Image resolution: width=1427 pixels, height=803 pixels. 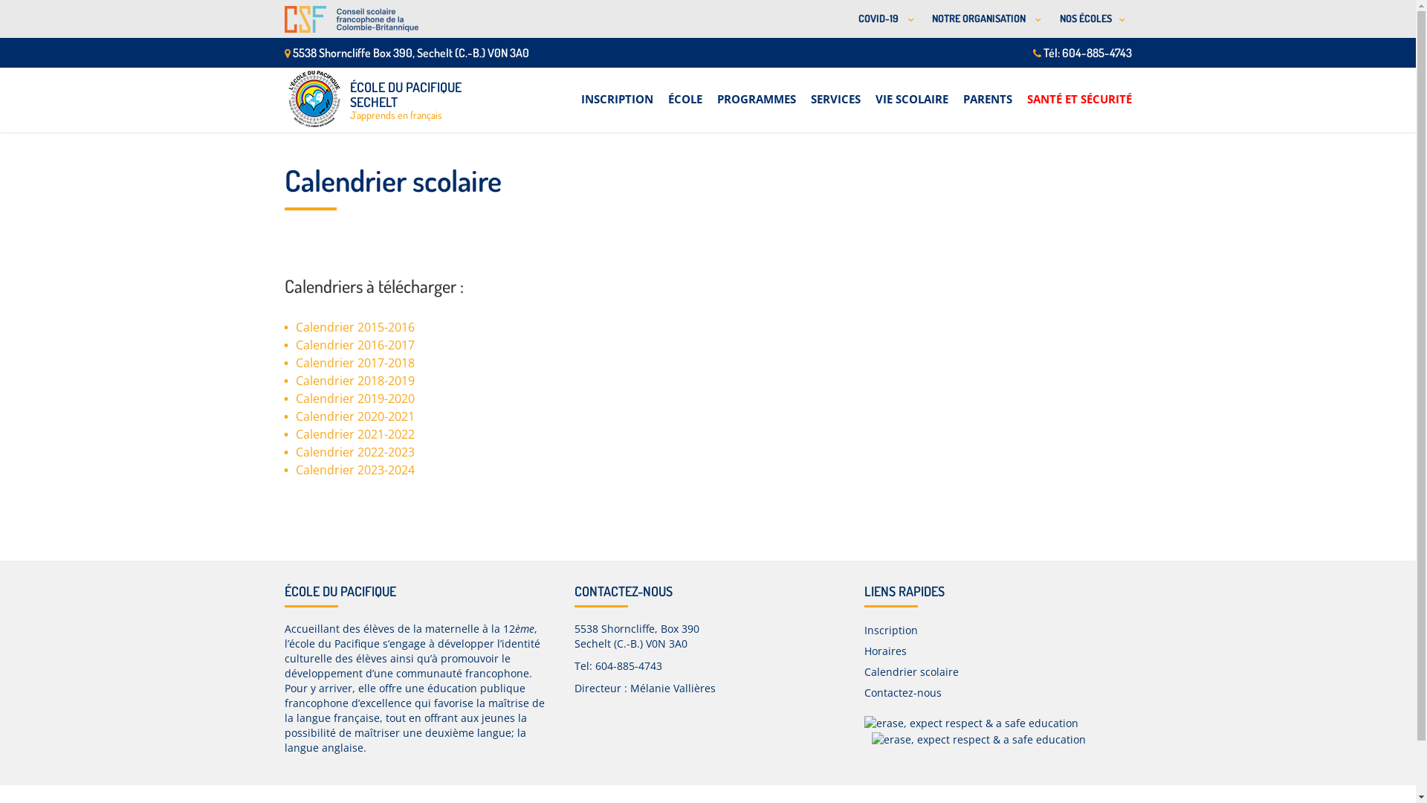 What do you see at coordinates (863, 692) in the screenshot?
I see `'Contactez-nous'` at bounding box center [863, 692].